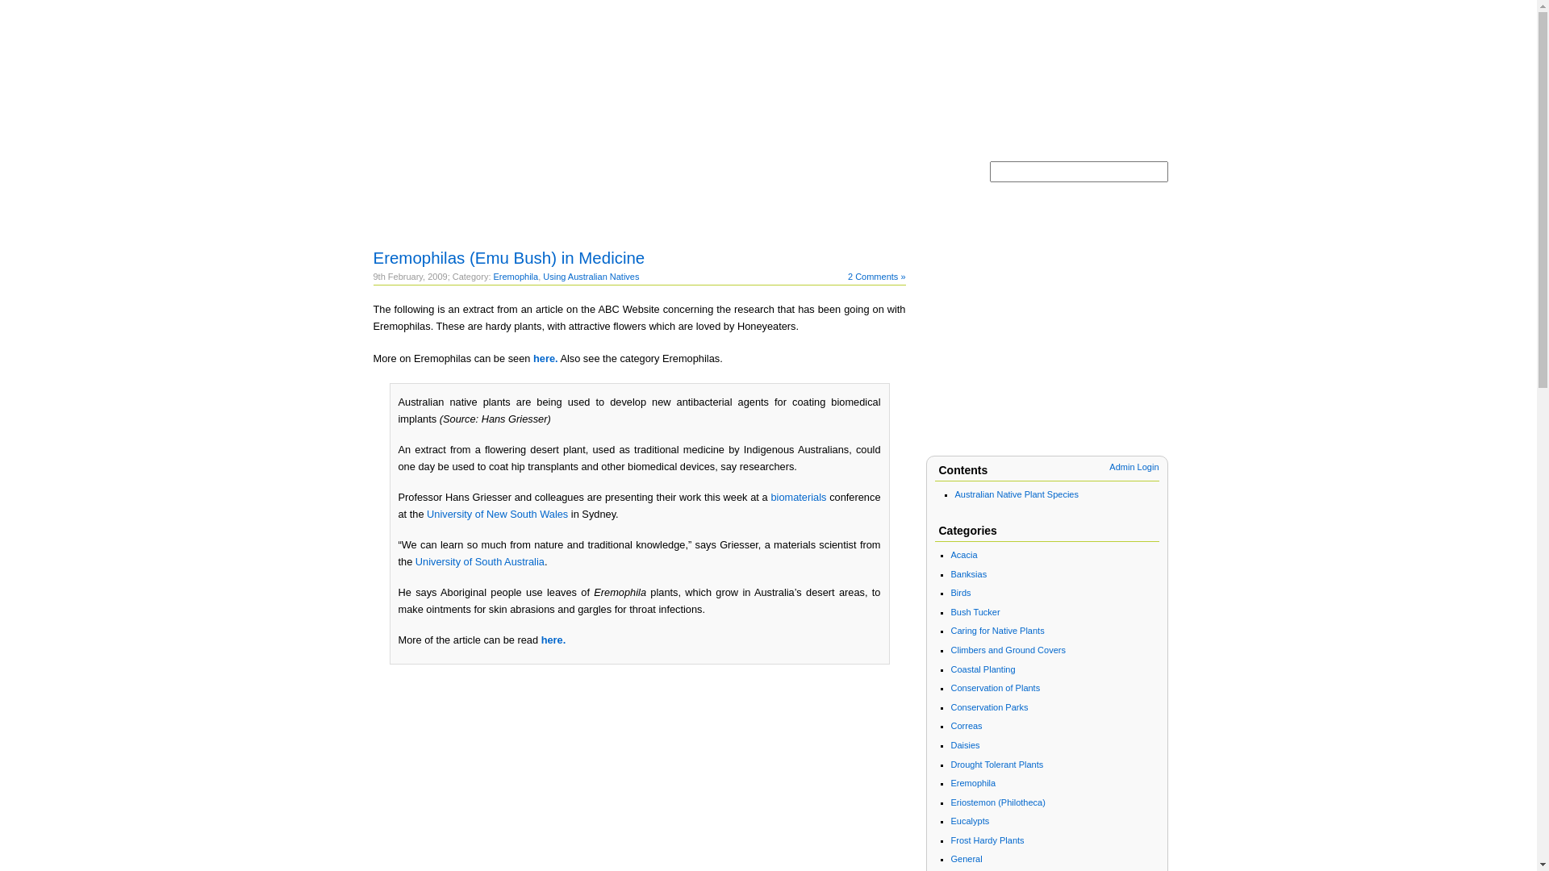 This screenshot has width=1549, height=871. Describe the element at coordinates (987, 706) in the screenshot. I see `'Conservation Parks'` at that location.